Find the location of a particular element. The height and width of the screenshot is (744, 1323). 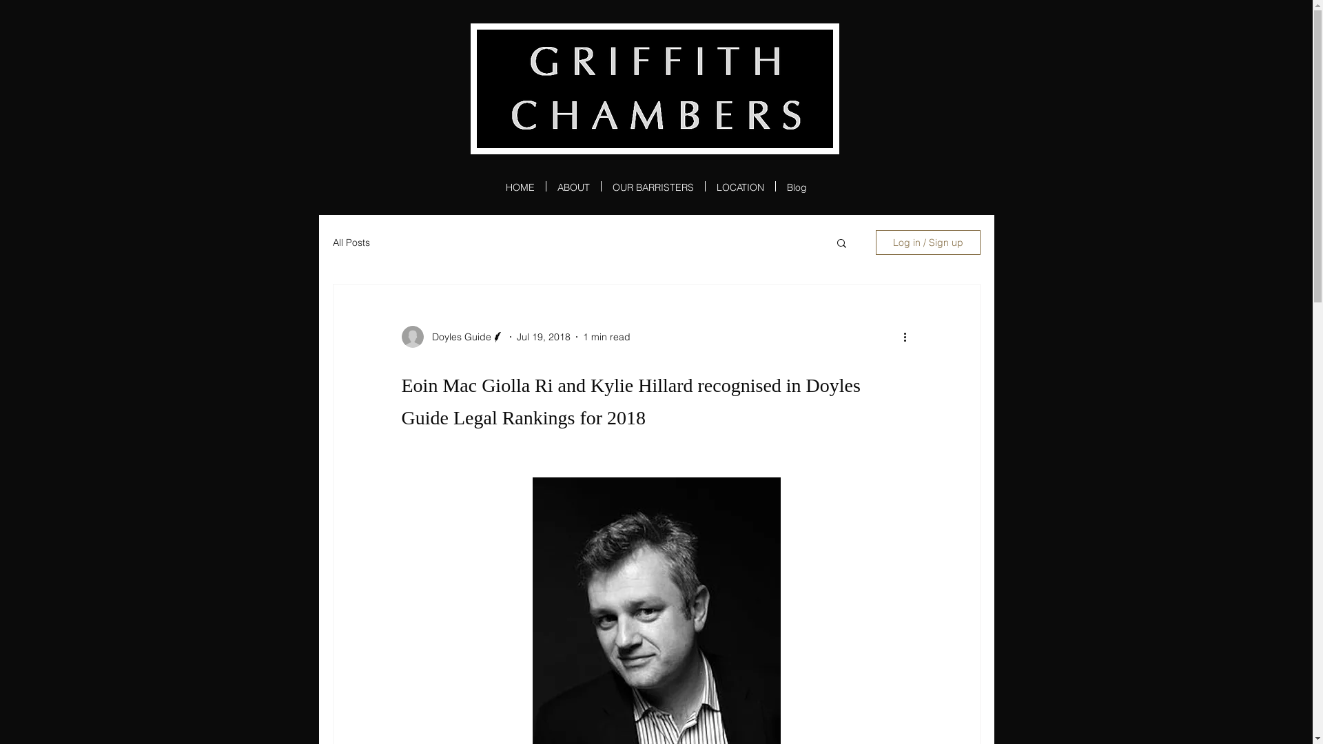

'Log in / Sign up' is located at coordinates (874, 241).